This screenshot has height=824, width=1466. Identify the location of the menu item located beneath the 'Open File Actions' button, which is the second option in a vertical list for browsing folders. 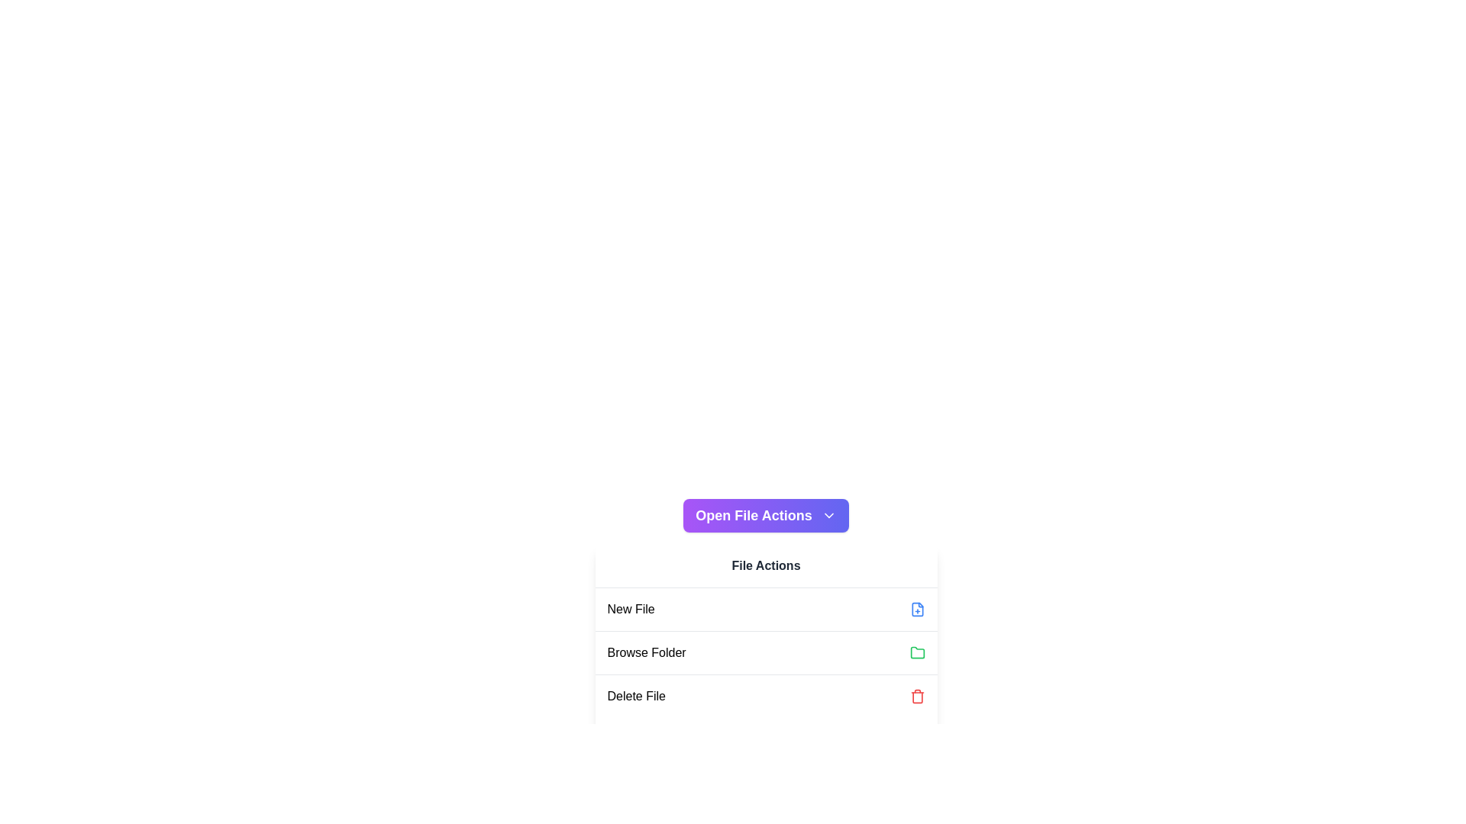
(766, 658).